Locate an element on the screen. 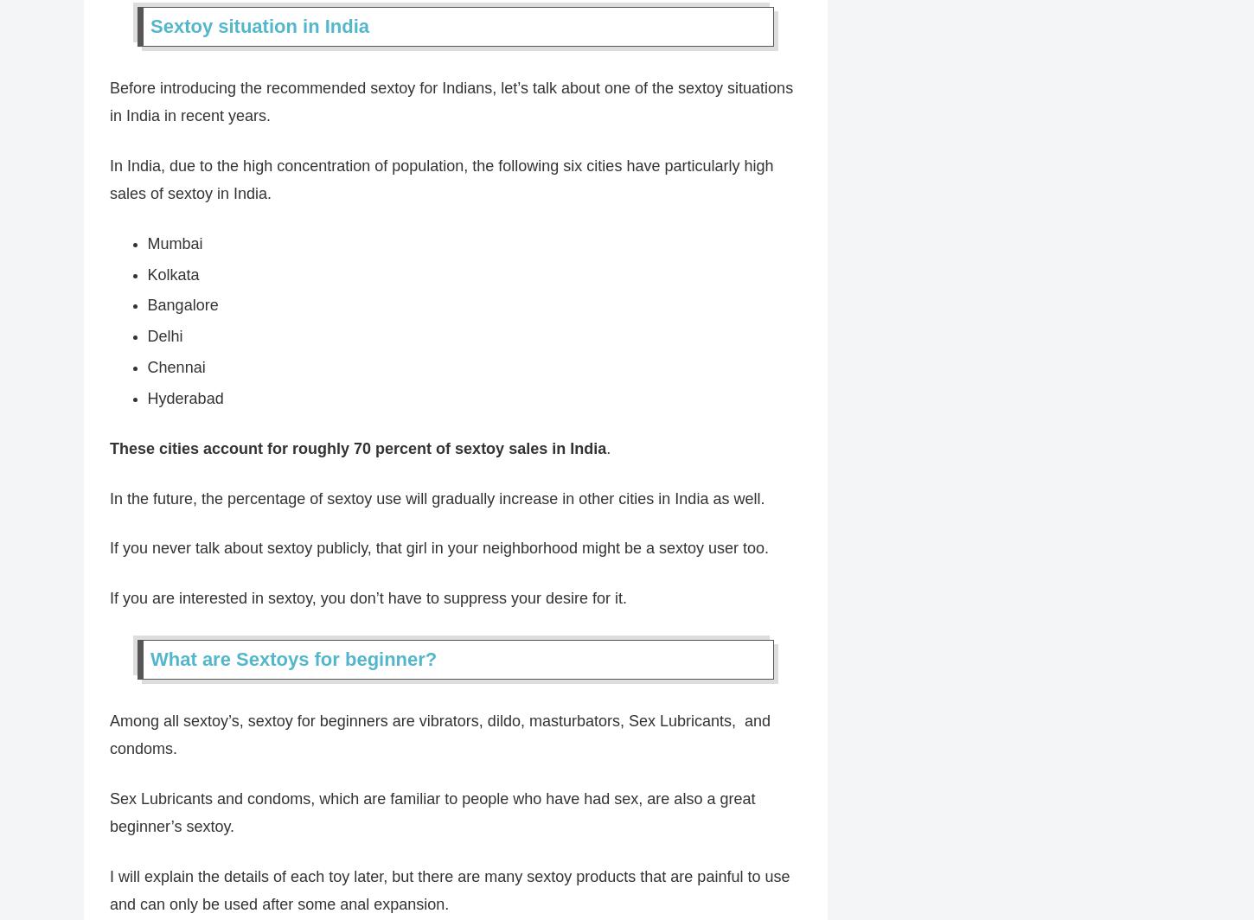  'If you never talk about sextoy publicly, that girl in your neighborhood might be a sextoy user too.' is located at coordinates (438, 548).